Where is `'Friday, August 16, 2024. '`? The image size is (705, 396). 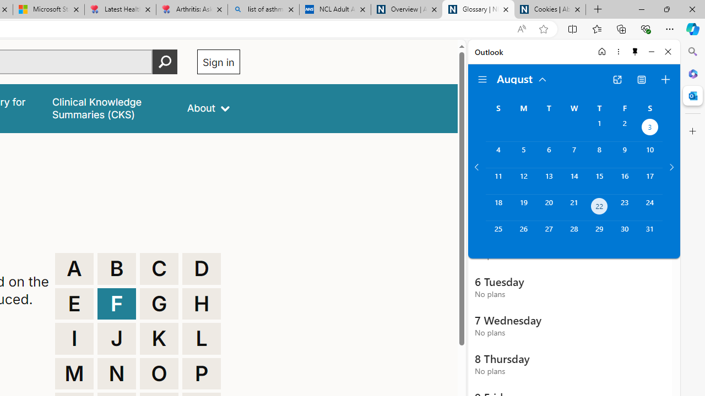 'Friday, August 16, 2024. ' is located at coordinates (625, 180).